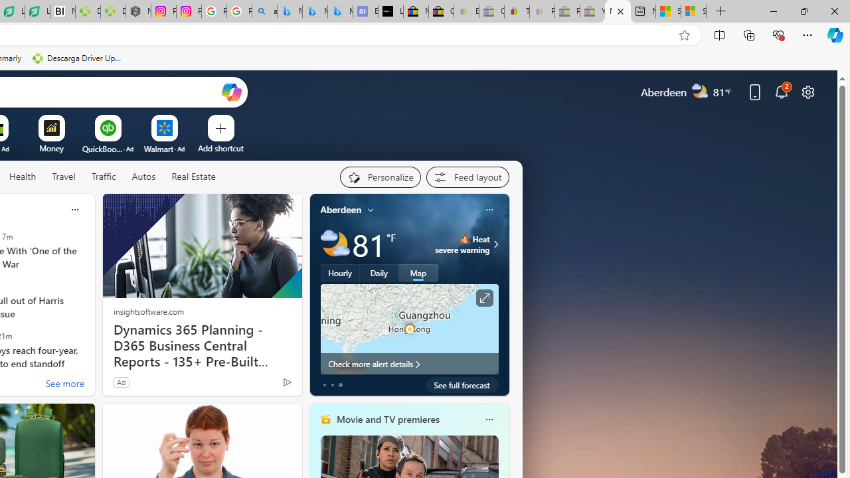 This screenshot has width=850, height=478. Describe the element at coordinates (462, 384) in the screenshot. I see `'See full forecast'` at that location.